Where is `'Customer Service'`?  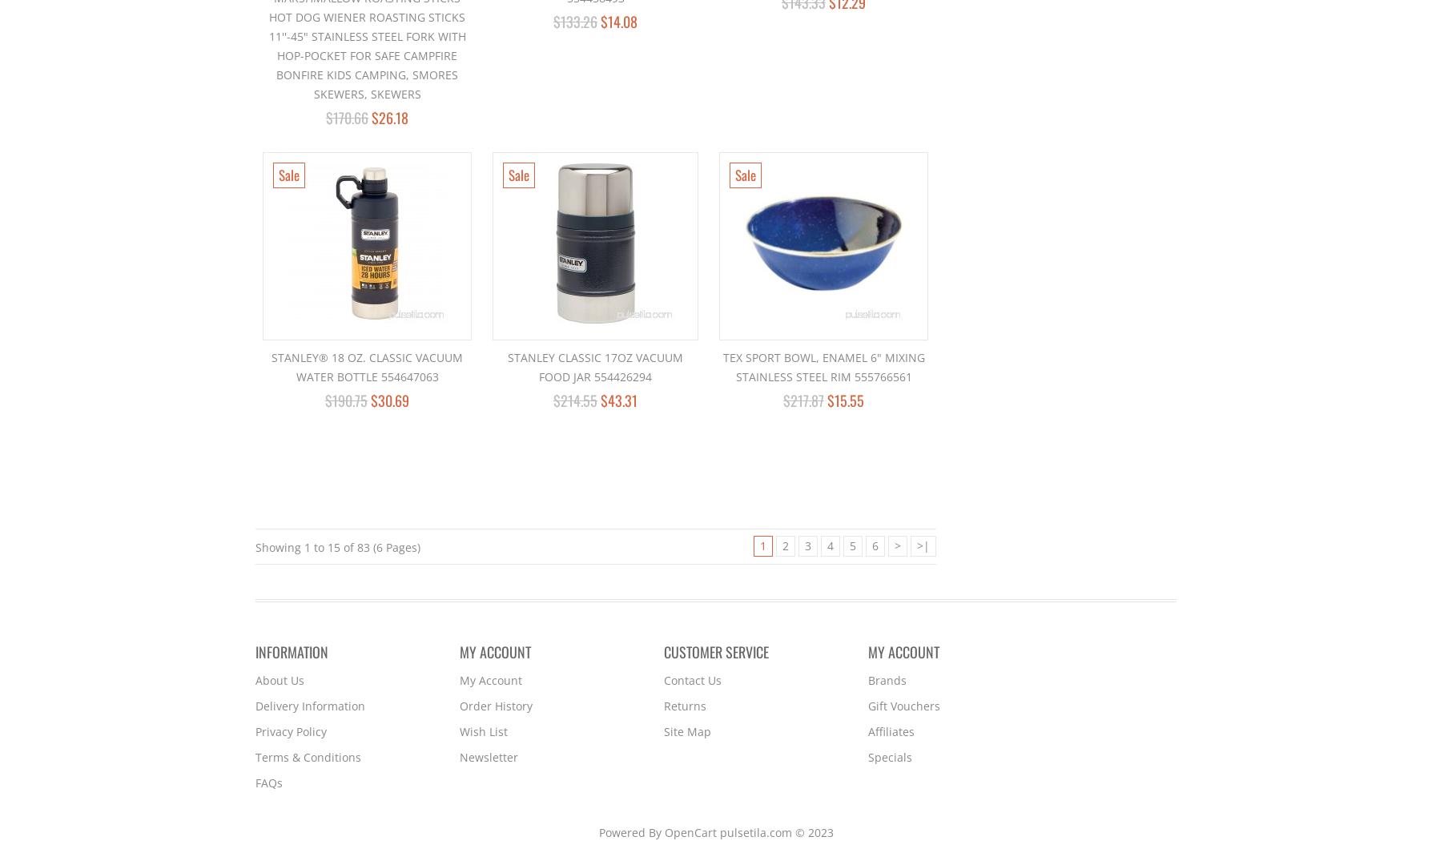
'Customer Service' is located at coordinates (716, 651).